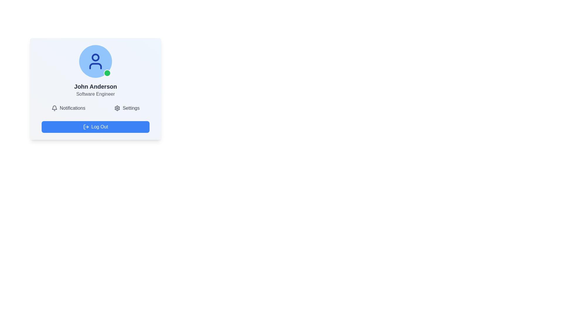  I want to click on text label displaying 'John Anderson' which is a bold, large font element located above the subtitle 'Software Engineer' in the center of the interface, so click(96, 87).